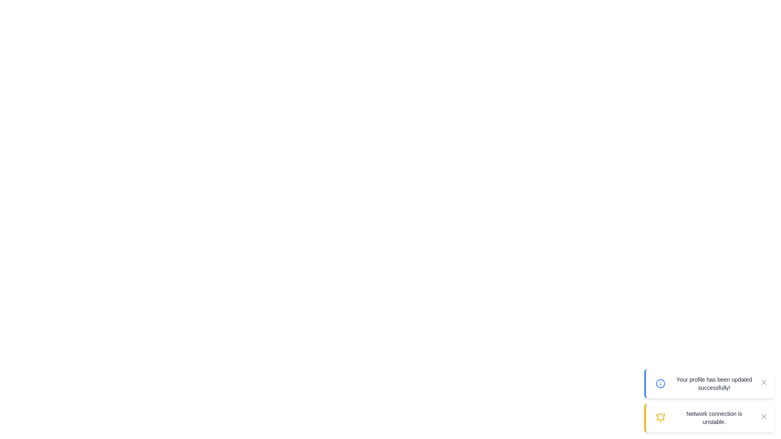 This screenshot has height=439, width=781. What do you see at coordinates (709, 384) in the screenshot?
I see `the snackbar with the message 'Your profile has been updated successfully!'` at bounding box center [709, 384].